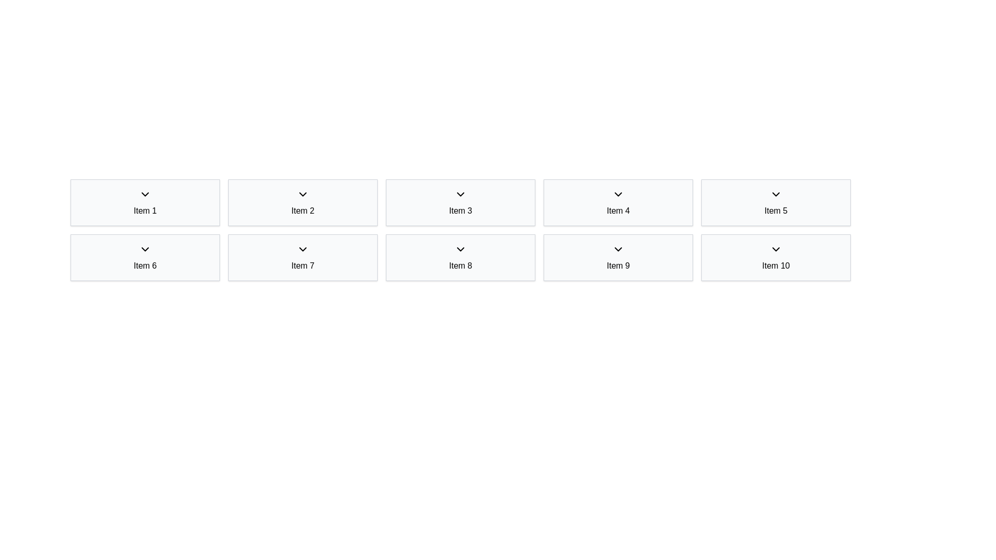  Describe the element at coordinates (302, 249) in the screenshot. I see `the Dropdown Indicator (Chevron Icon) located in the seventh item of a grid layout` at that location.